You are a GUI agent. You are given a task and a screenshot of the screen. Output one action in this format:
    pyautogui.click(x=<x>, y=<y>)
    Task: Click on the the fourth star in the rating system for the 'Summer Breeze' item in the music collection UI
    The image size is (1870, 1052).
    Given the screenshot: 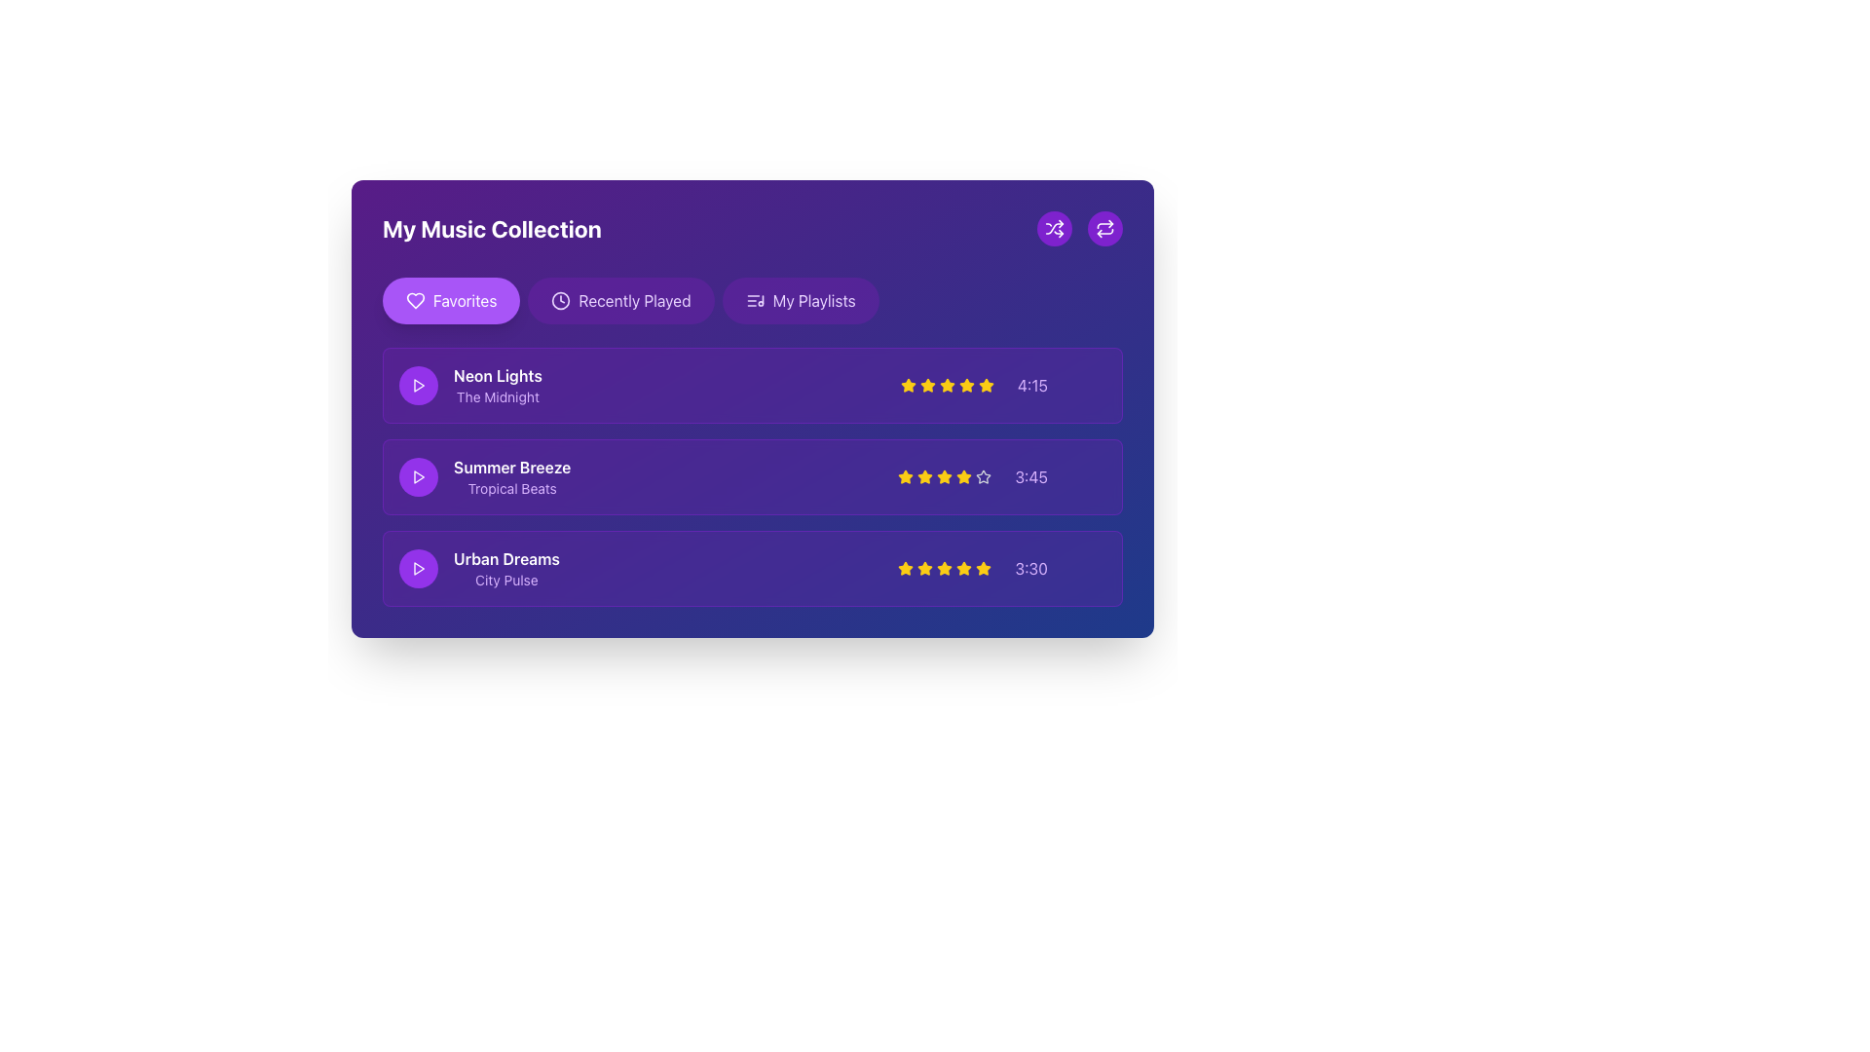 What is the action you would take?
    pyautogui.click(x=984, y=476)
    